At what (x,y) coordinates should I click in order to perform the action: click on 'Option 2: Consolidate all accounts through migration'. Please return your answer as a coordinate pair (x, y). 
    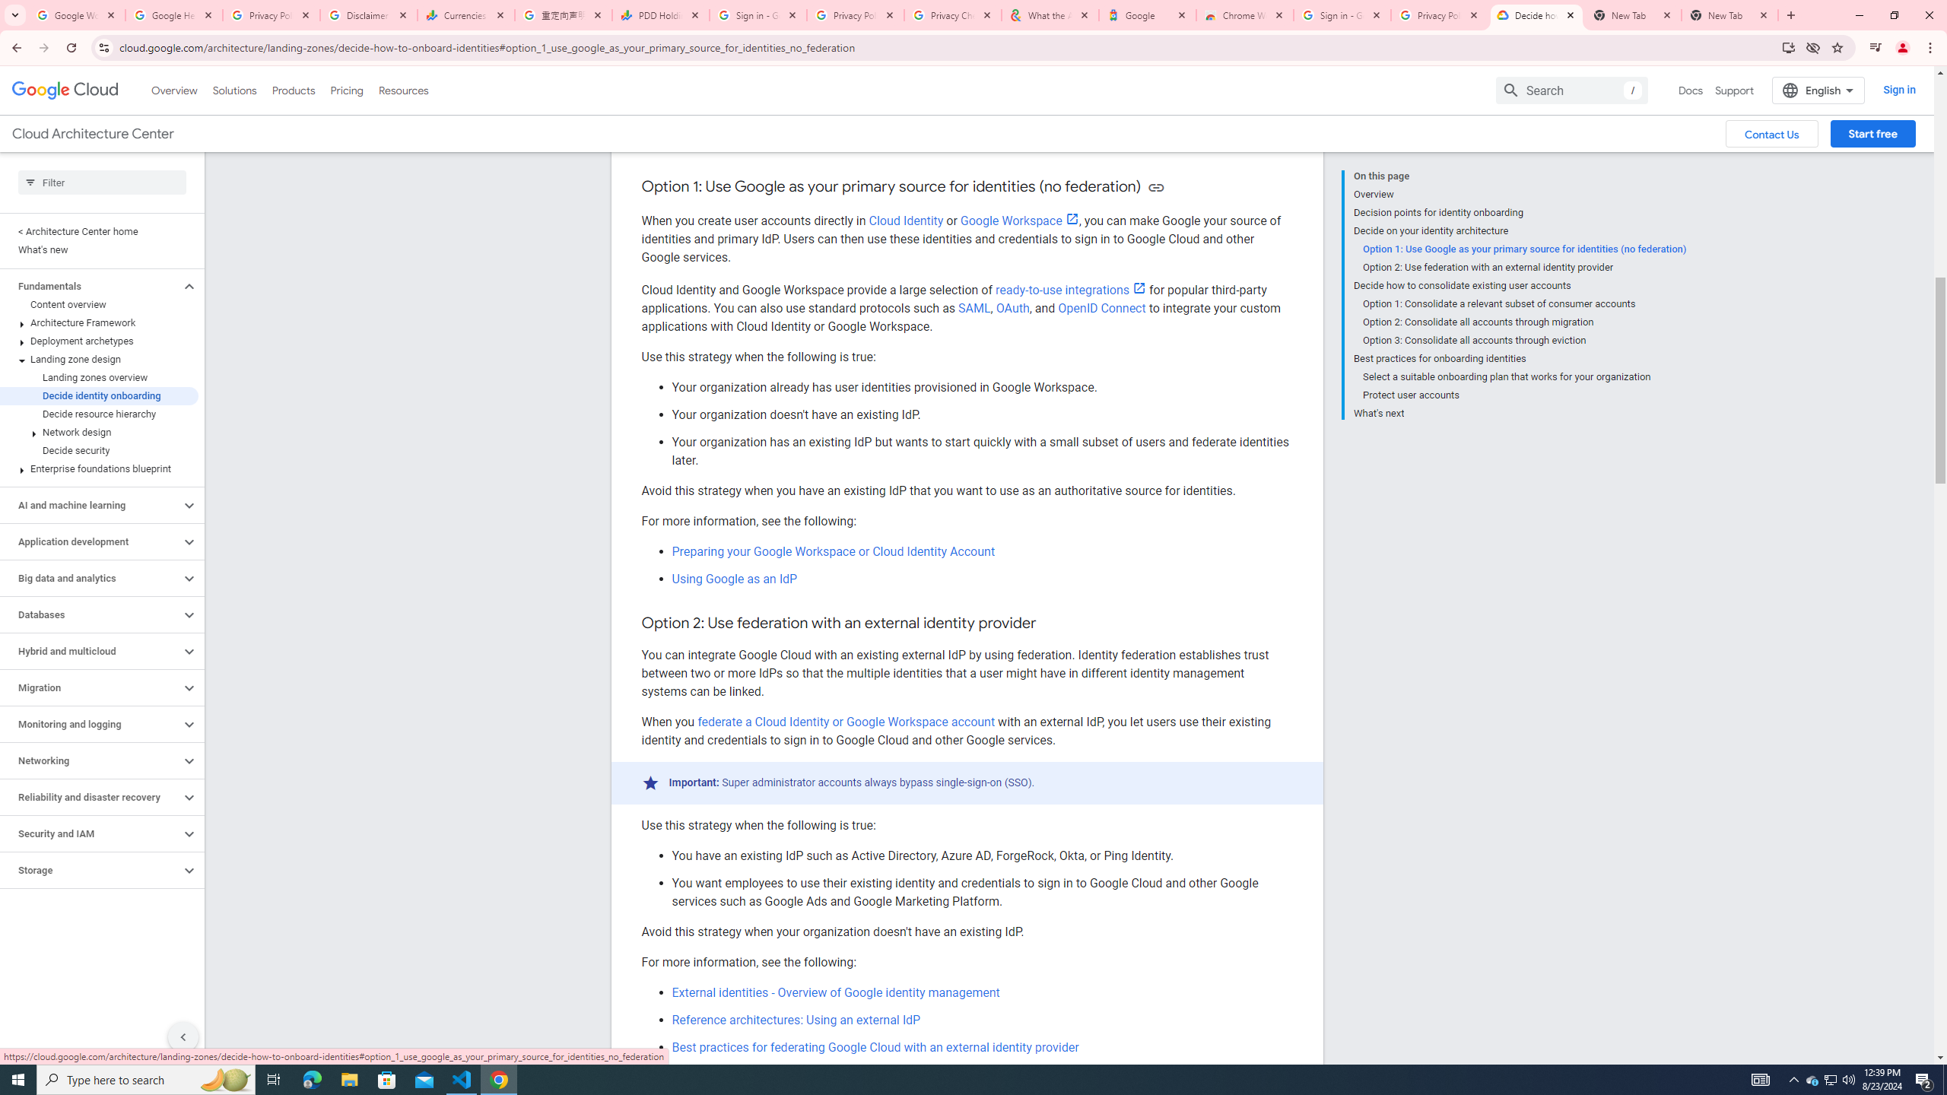
    Looking at the image, I should click on (1523, 322).